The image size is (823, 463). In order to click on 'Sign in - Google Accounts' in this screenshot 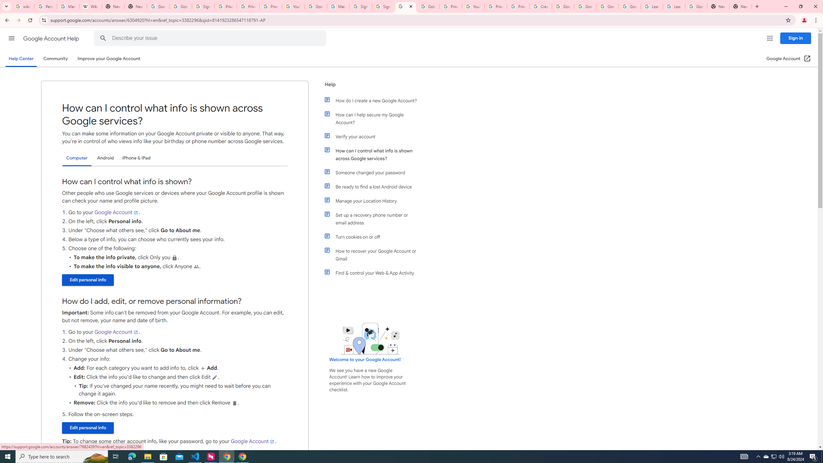, I will do `click(360, 6)`.